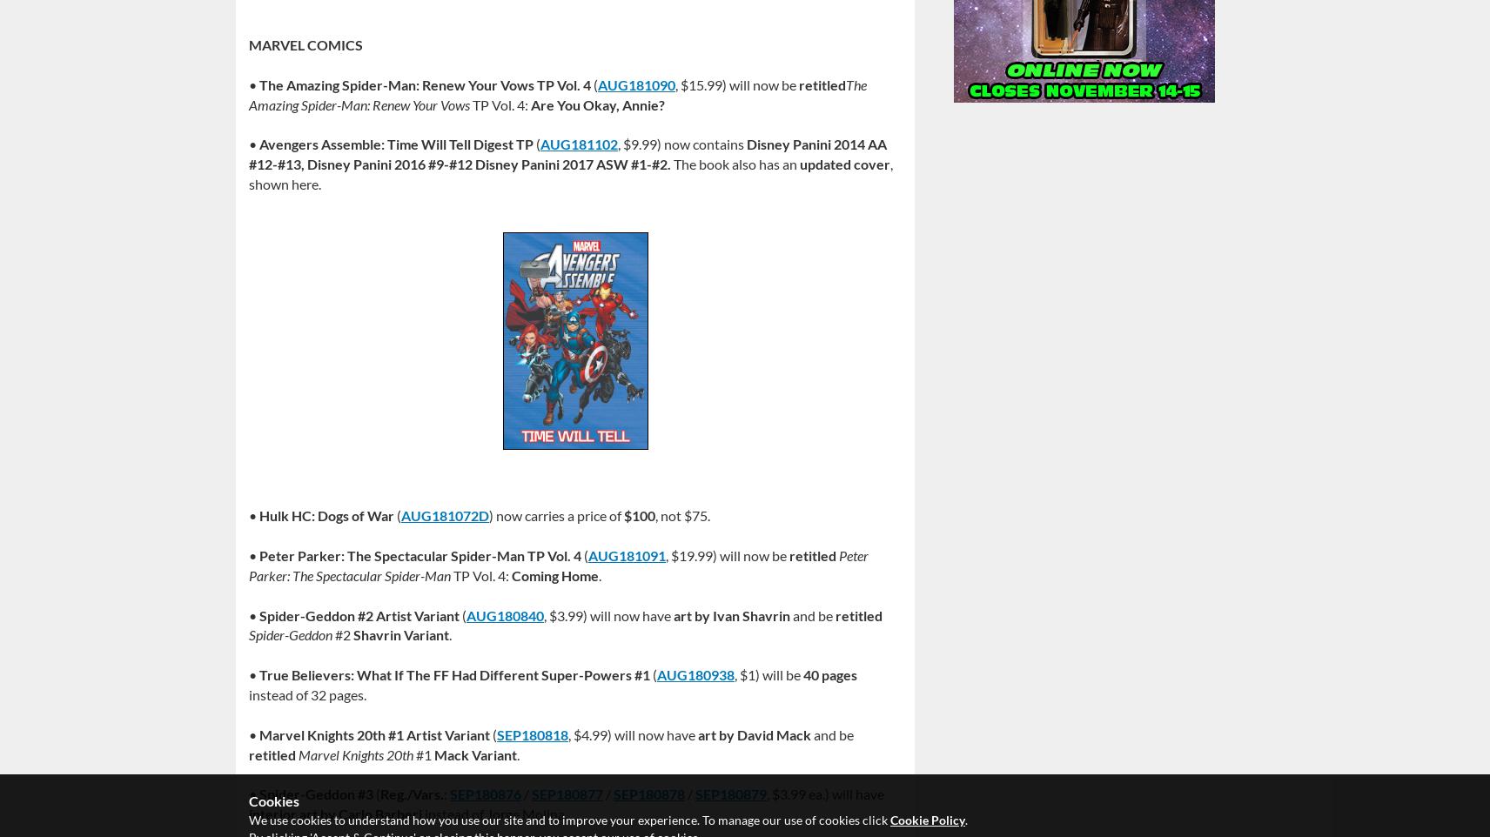 Image resolution: width=1490 pixels, height=837 pixels. I want to click on 'Spider-Geddon #3', so click(314, 793).